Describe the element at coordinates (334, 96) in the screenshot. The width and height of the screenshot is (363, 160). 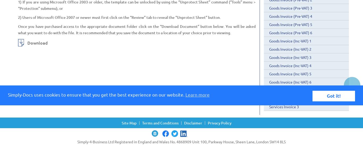
I see `'Got it!'` at that location.